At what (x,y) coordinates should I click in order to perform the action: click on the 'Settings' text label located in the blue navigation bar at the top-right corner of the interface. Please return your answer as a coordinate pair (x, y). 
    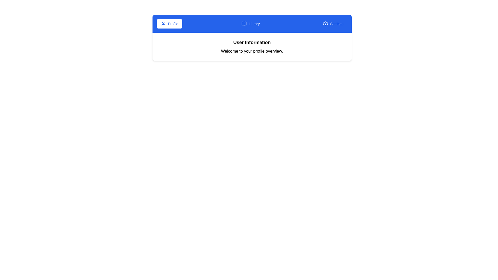
    Looking at the image, I should click on (337, 24).